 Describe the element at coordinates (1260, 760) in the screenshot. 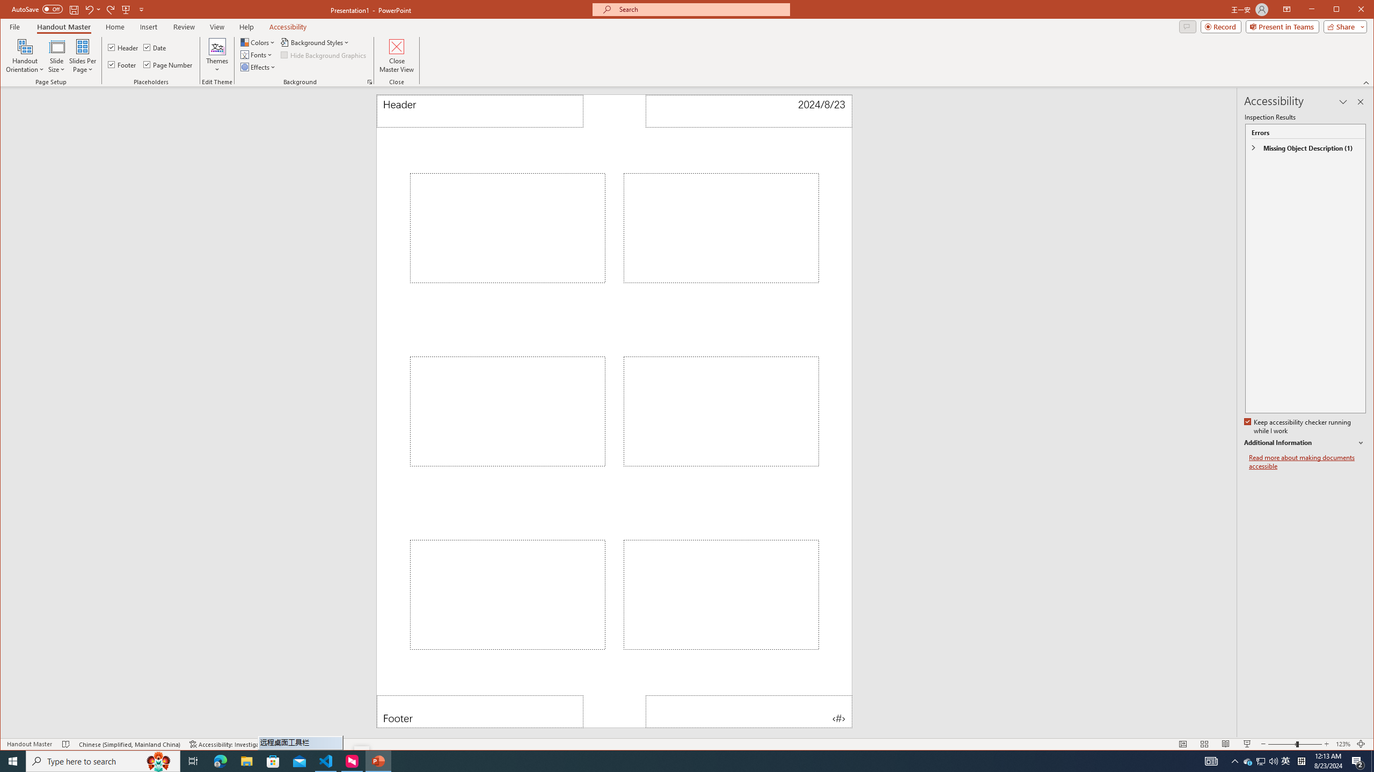

I see `'User Promoted Notification Area'` at that location.